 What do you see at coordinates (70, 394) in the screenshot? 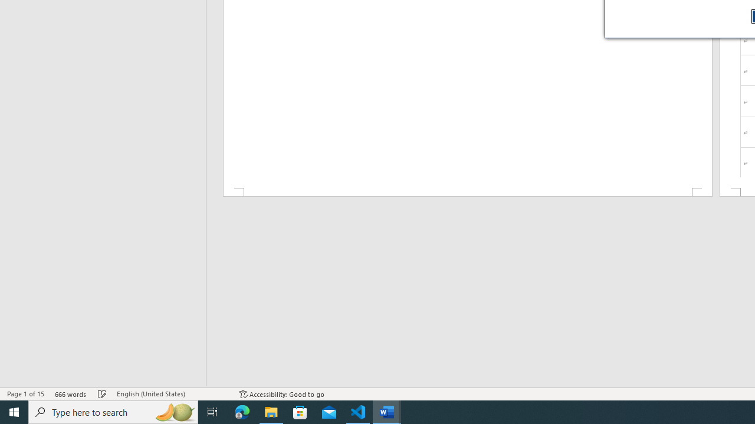
I see `'Word Count 666 words'` at bounding box center [70, 394].